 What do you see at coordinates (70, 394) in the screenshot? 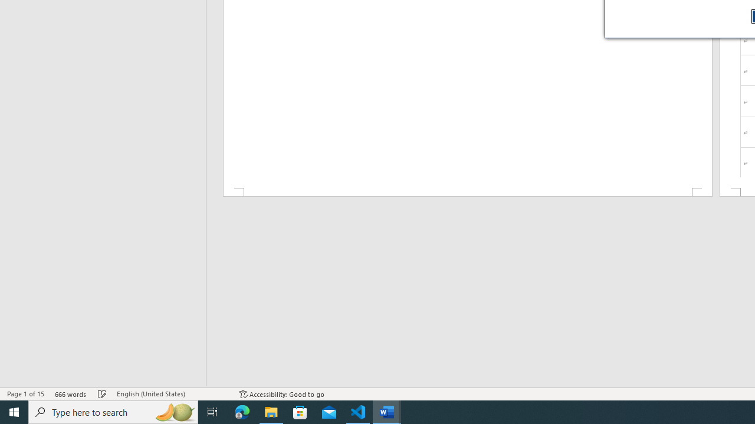
I see `'Word Count 666 words'` at bounding box center [70, 394].